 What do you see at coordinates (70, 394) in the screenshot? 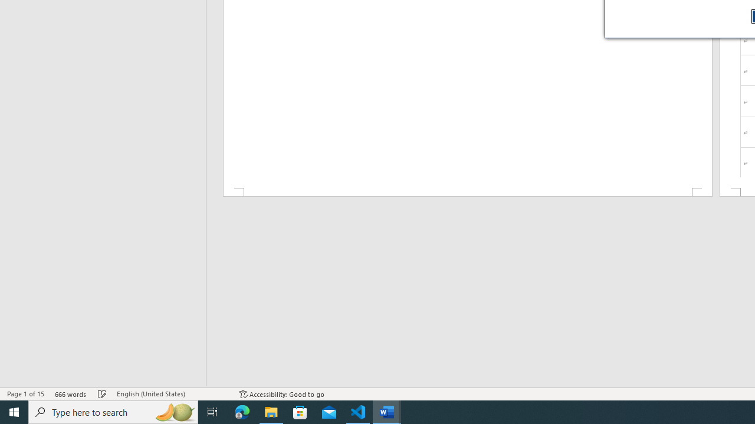
I see `'Word Count 666 words'` at bounding box center [70, 394].